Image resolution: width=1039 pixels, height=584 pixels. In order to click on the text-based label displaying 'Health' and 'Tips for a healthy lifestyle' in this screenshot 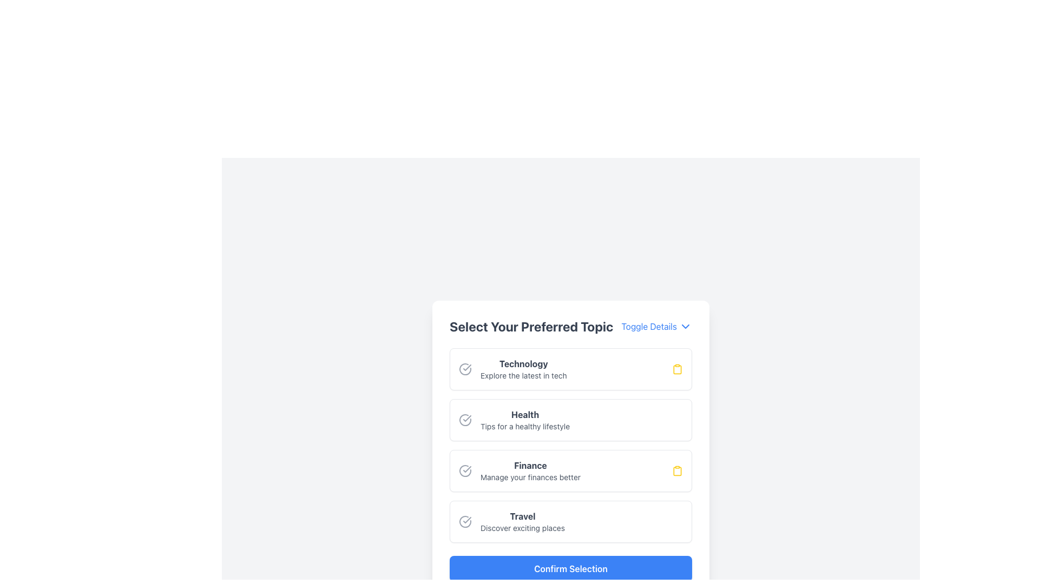, I will do `click(525, 419)`.